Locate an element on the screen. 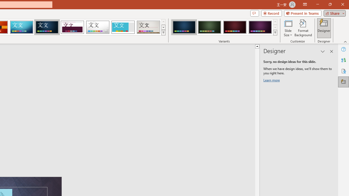  'Gallery' is located at coordinates (148, 27).